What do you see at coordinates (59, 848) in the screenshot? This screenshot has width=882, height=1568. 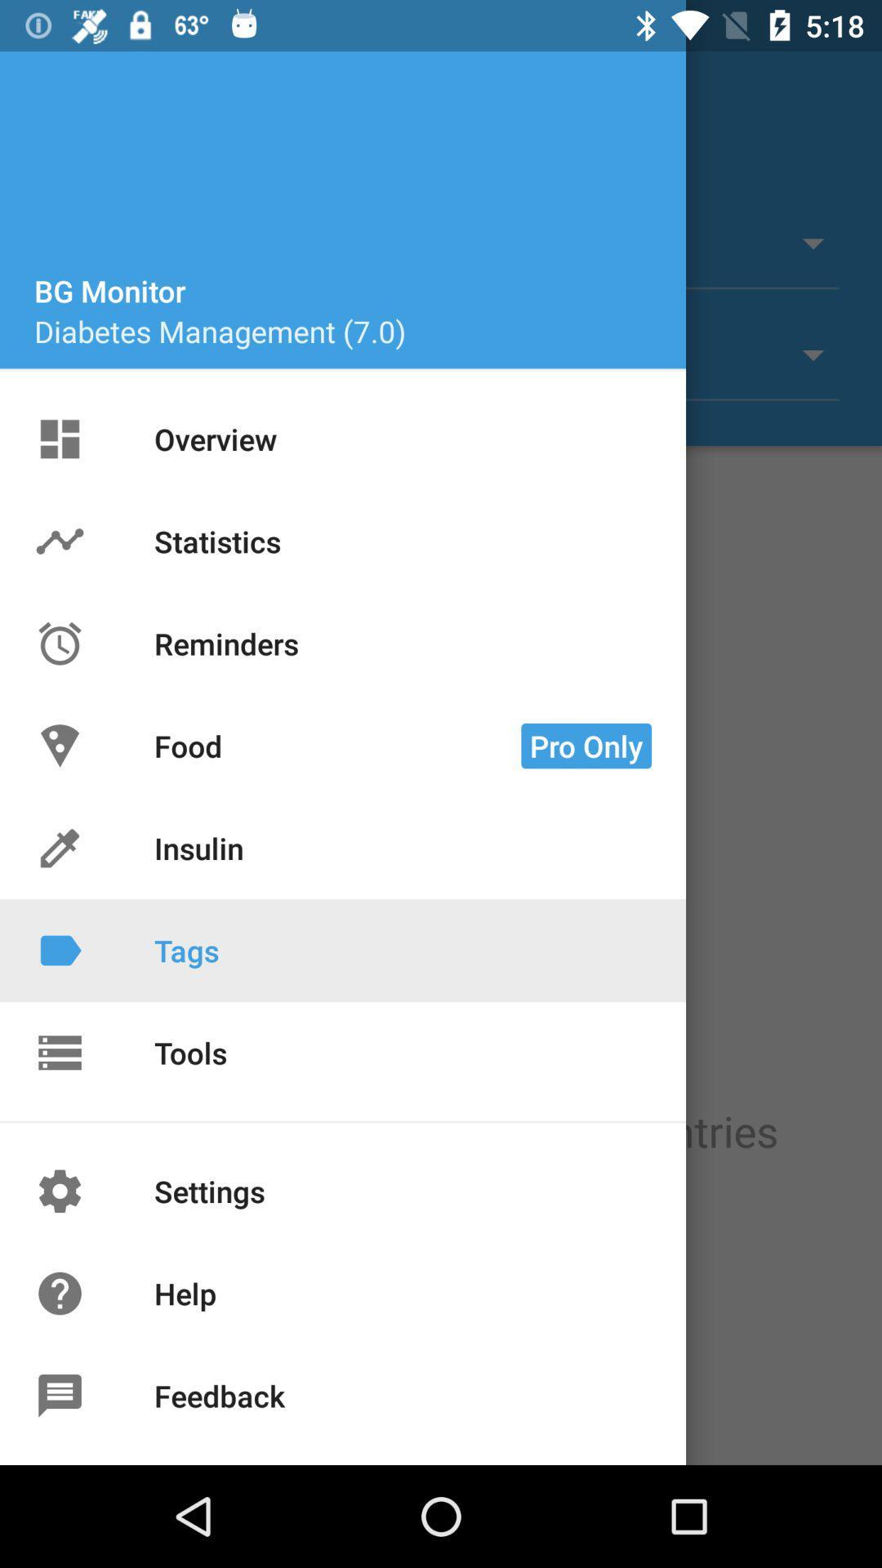 I see `mark icon in front text insulin` at bounding box center [59, 848].